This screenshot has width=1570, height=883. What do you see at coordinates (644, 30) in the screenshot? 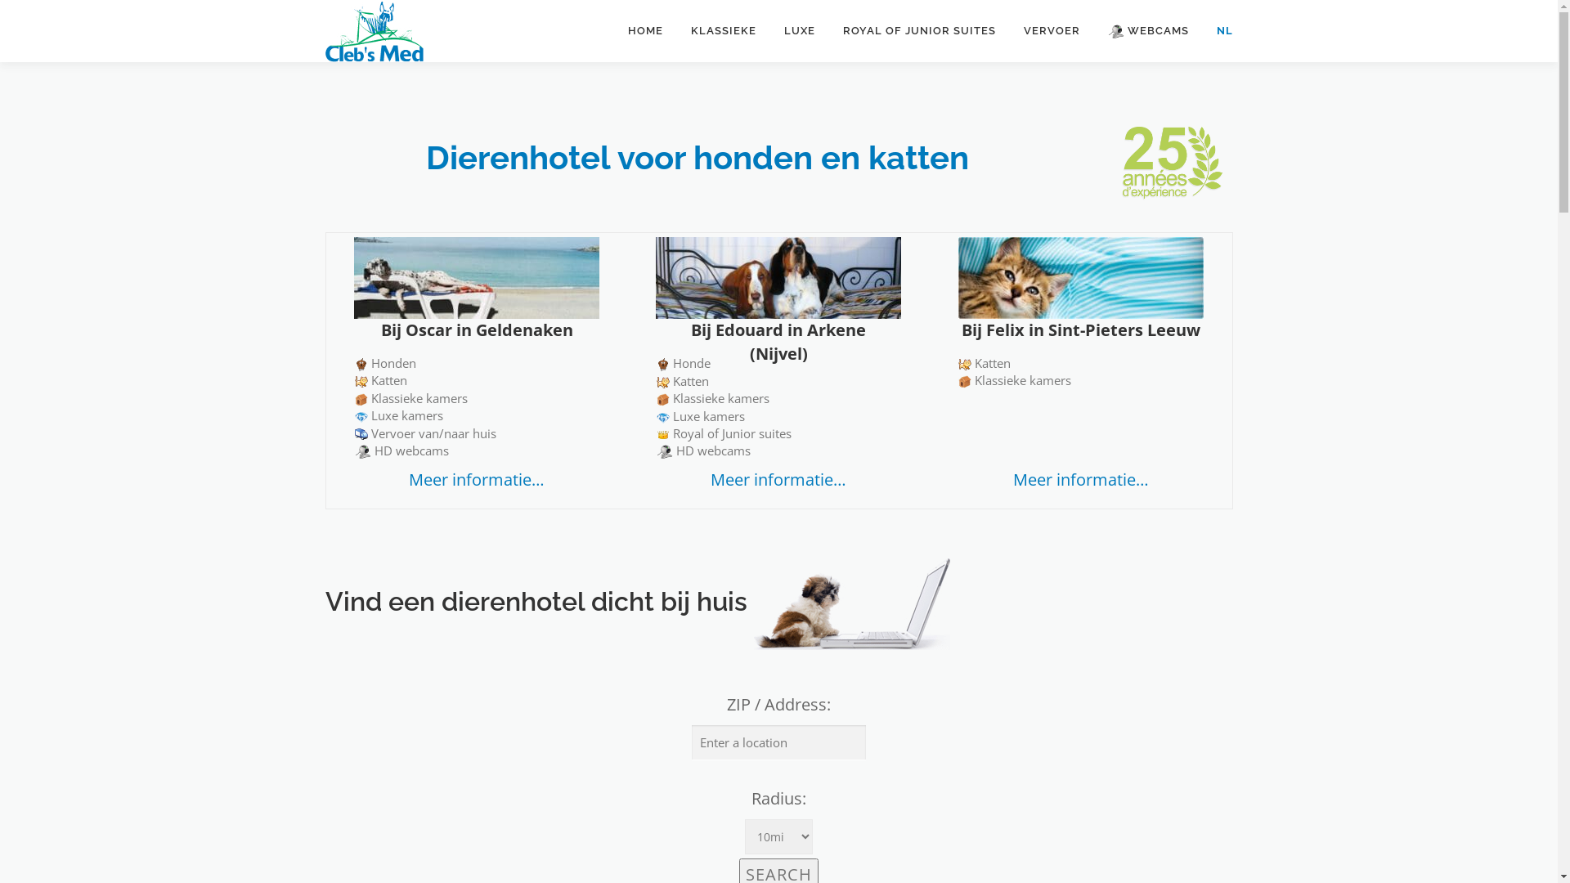
I see `'HOME'` at bounding box center [644, 30].